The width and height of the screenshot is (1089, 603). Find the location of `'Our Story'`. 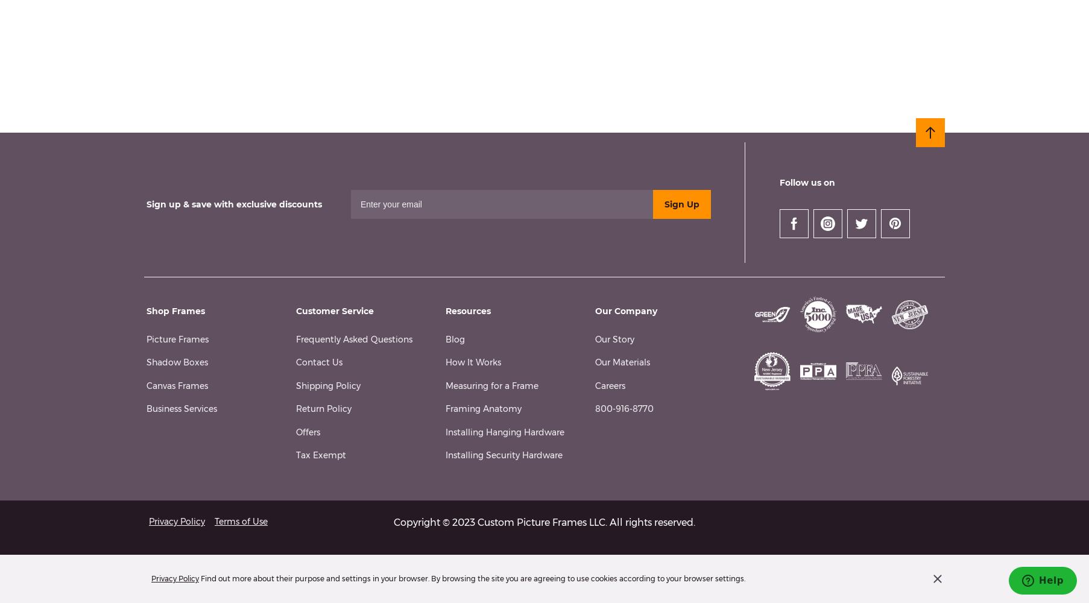

'Our Story' is located at coordinates (595, 339).